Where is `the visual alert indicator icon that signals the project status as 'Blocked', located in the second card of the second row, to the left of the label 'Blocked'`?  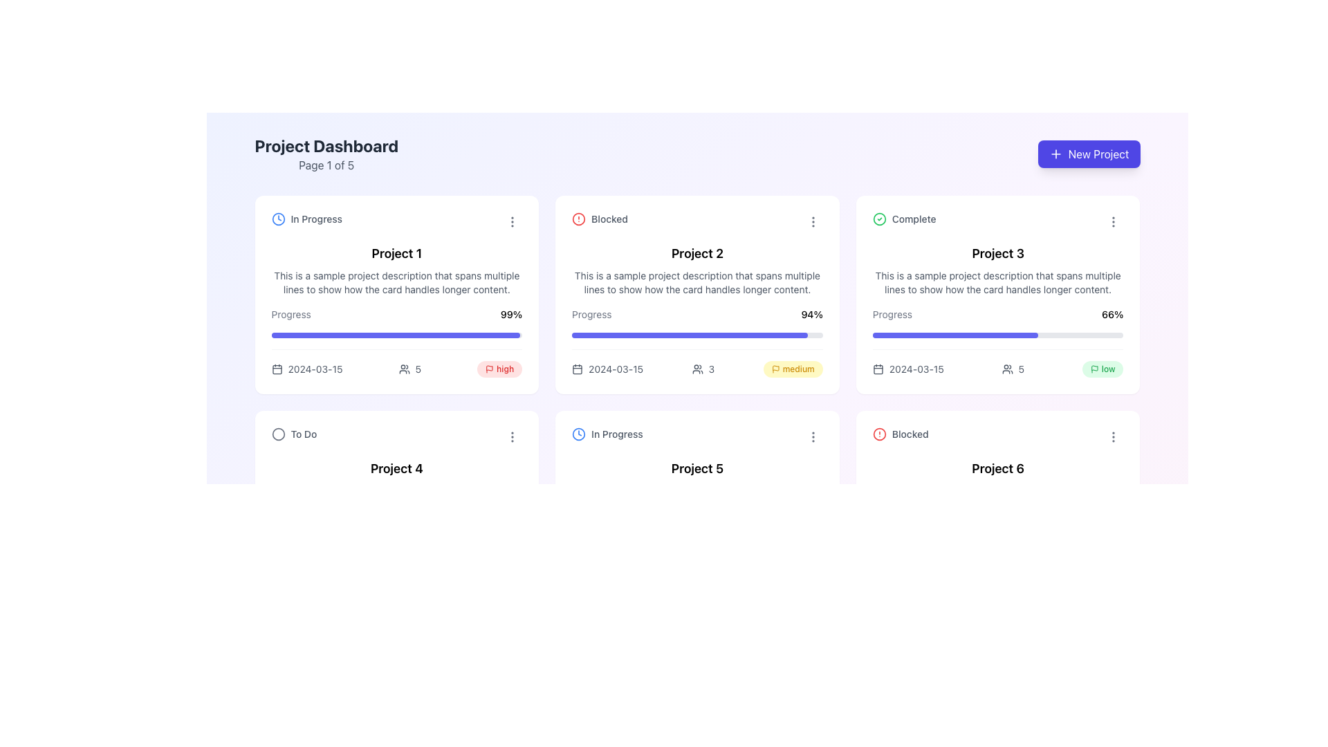 the visual alert indicator icon that signals the project status as 'Blocked', located in the second card of the second row, to the left of the label 'Blocked' is located at coordinates (878, 434).